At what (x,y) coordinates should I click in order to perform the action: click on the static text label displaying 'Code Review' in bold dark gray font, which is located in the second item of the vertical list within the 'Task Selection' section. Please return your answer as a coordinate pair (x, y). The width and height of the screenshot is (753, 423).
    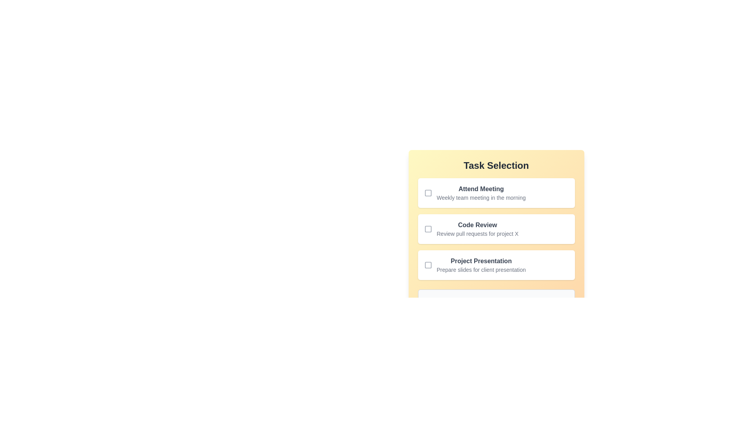
    Looking at the image, I should click on (477, 225).